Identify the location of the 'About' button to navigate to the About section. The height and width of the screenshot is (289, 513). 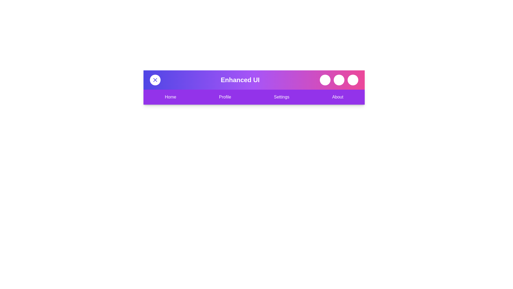
(337, 97).